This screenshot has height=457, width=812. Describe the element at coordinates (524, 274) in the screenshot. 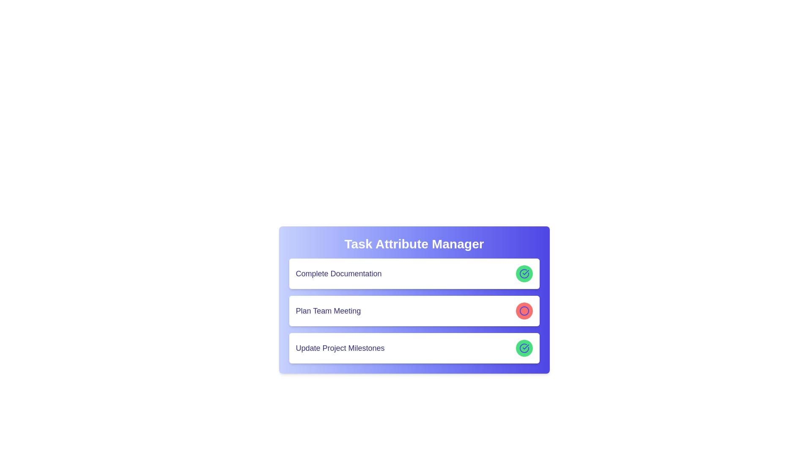

I see `the interactive button located on the right side of the 'Complete Documentation' text` at that location.